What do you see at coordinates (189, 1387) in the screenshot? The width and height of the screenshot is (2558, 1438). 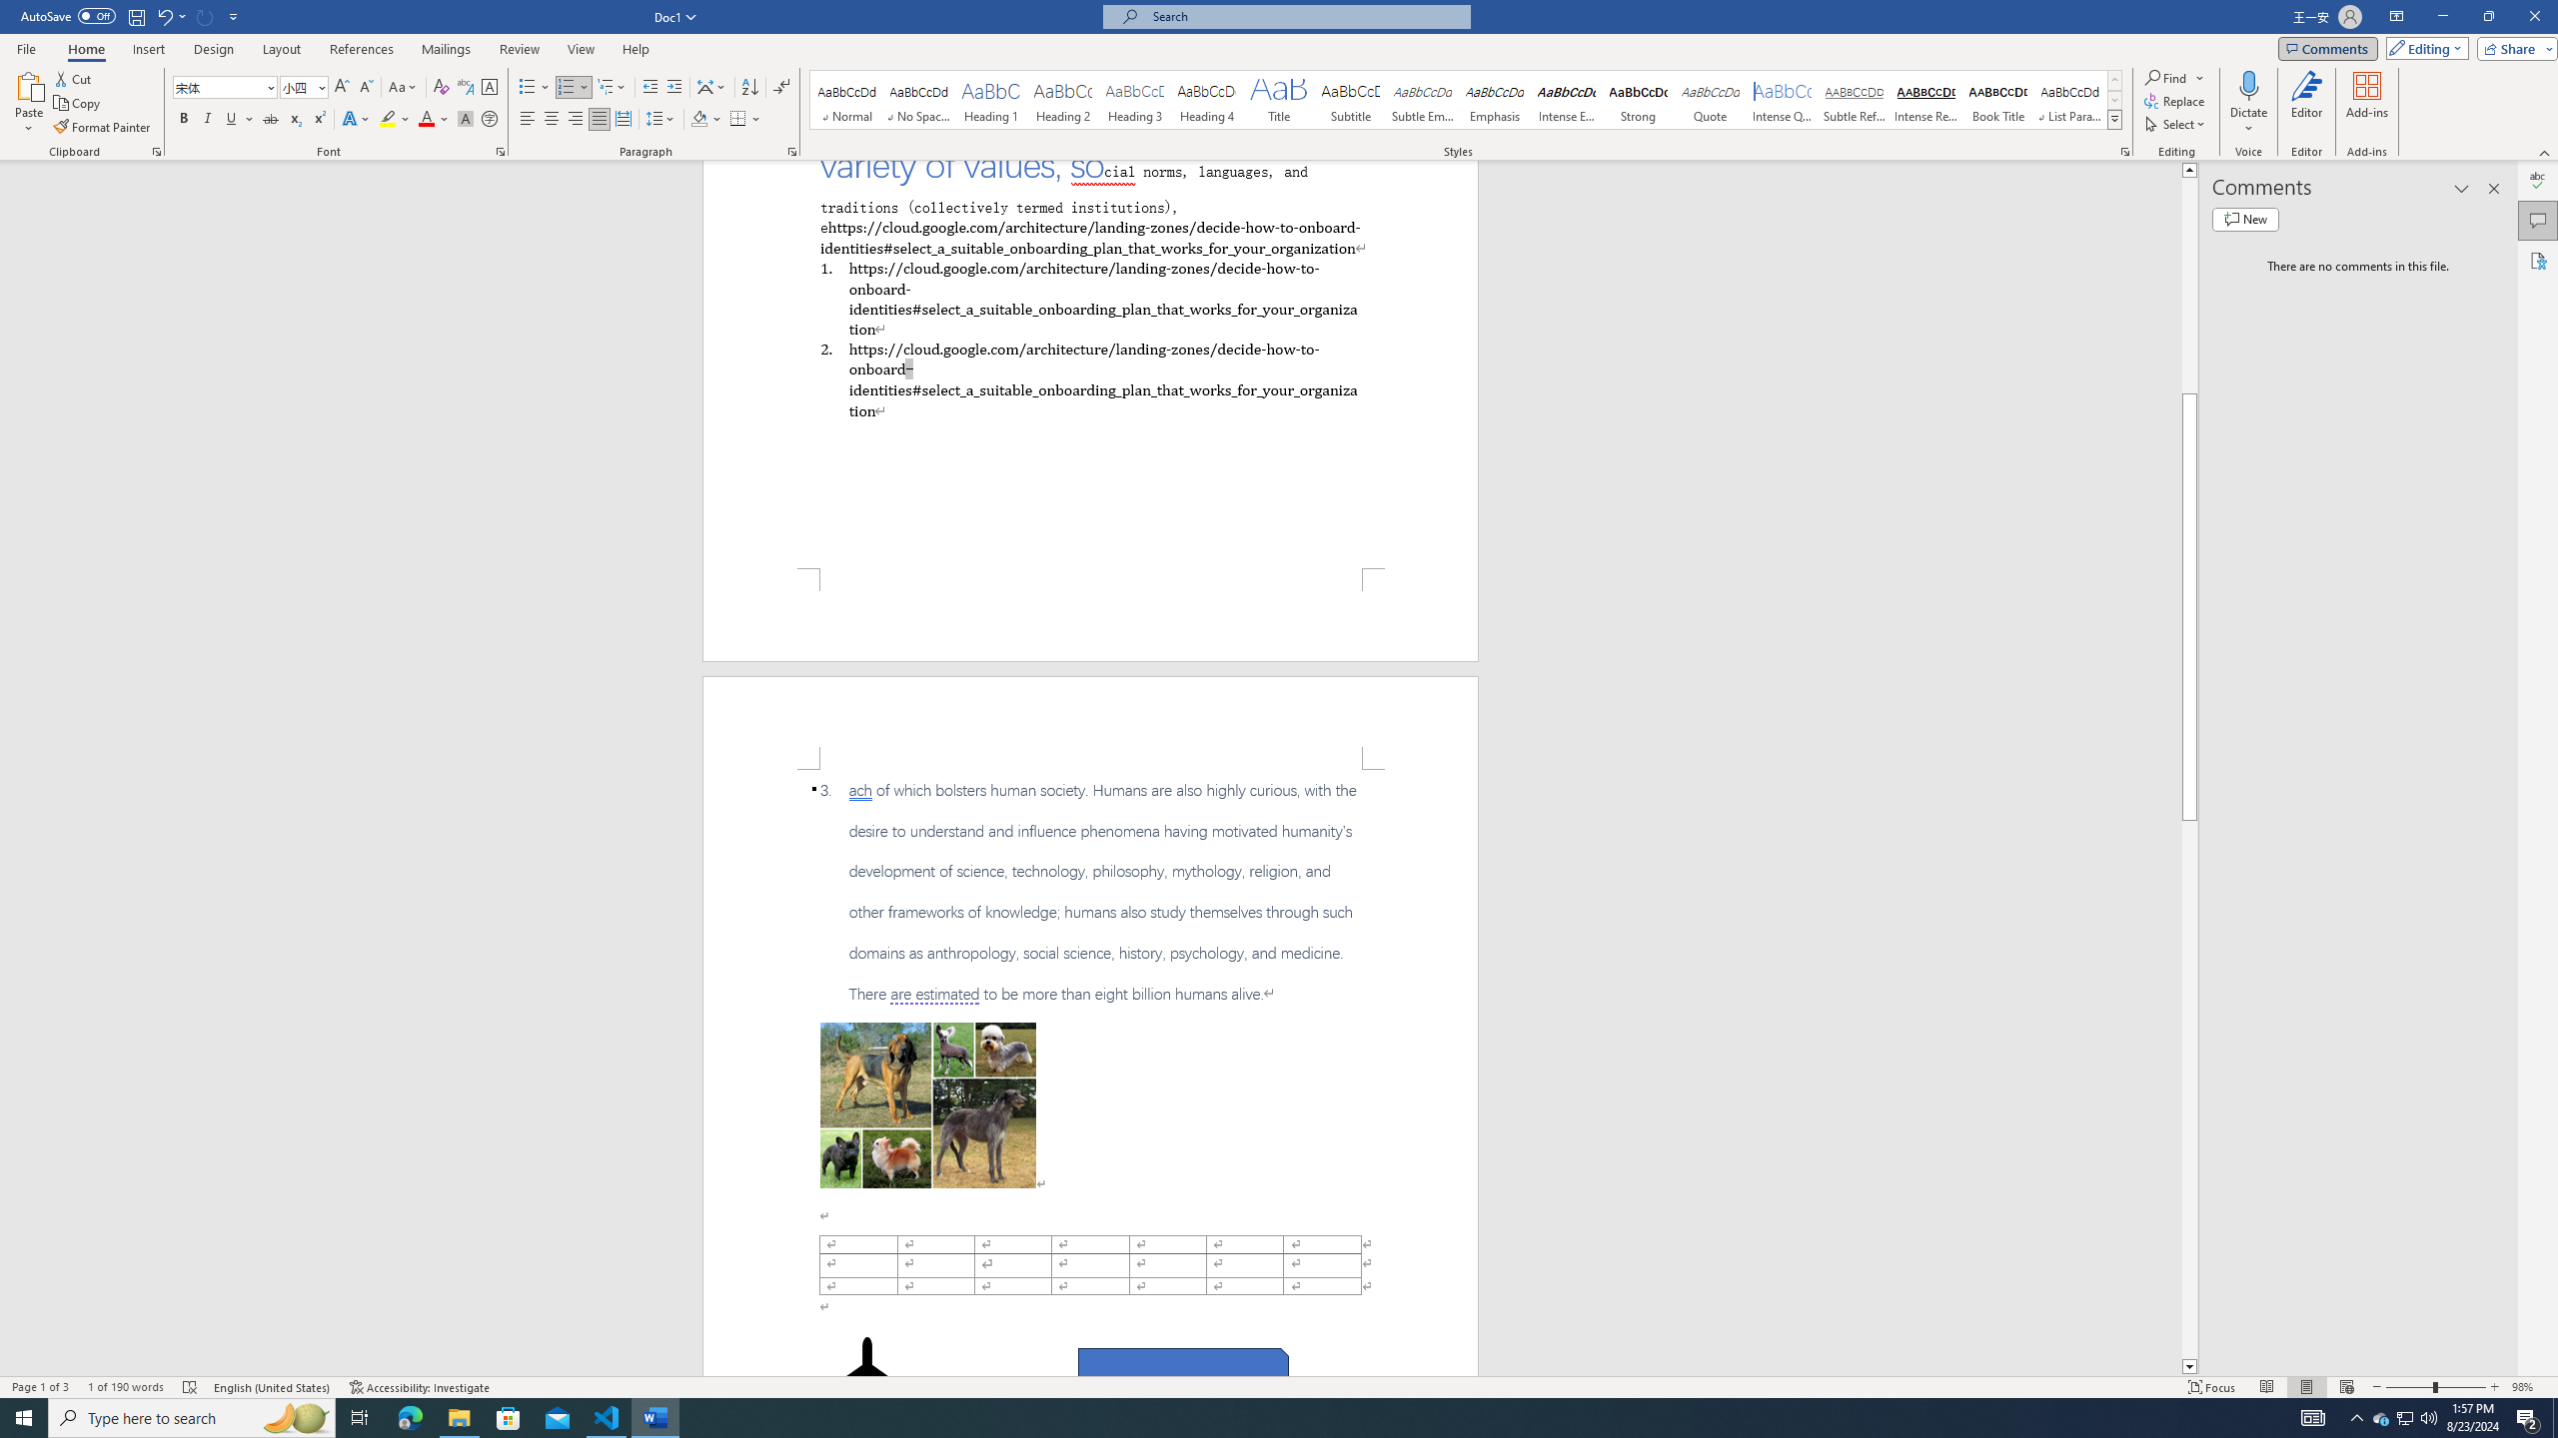 I see `'Spelling and Grammar Check Errors'` at bounding box center [189, 1387].